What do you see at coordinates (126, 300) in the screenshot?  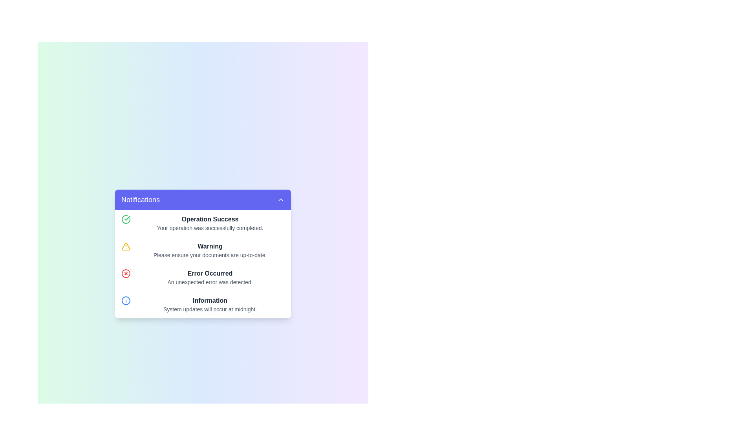 I see `the icon representing system updates located to the left of the text 'Information System updates will occur at midnight.' in the last notification entry in the 'Notifications' panel` at bounding box center [126, 300].